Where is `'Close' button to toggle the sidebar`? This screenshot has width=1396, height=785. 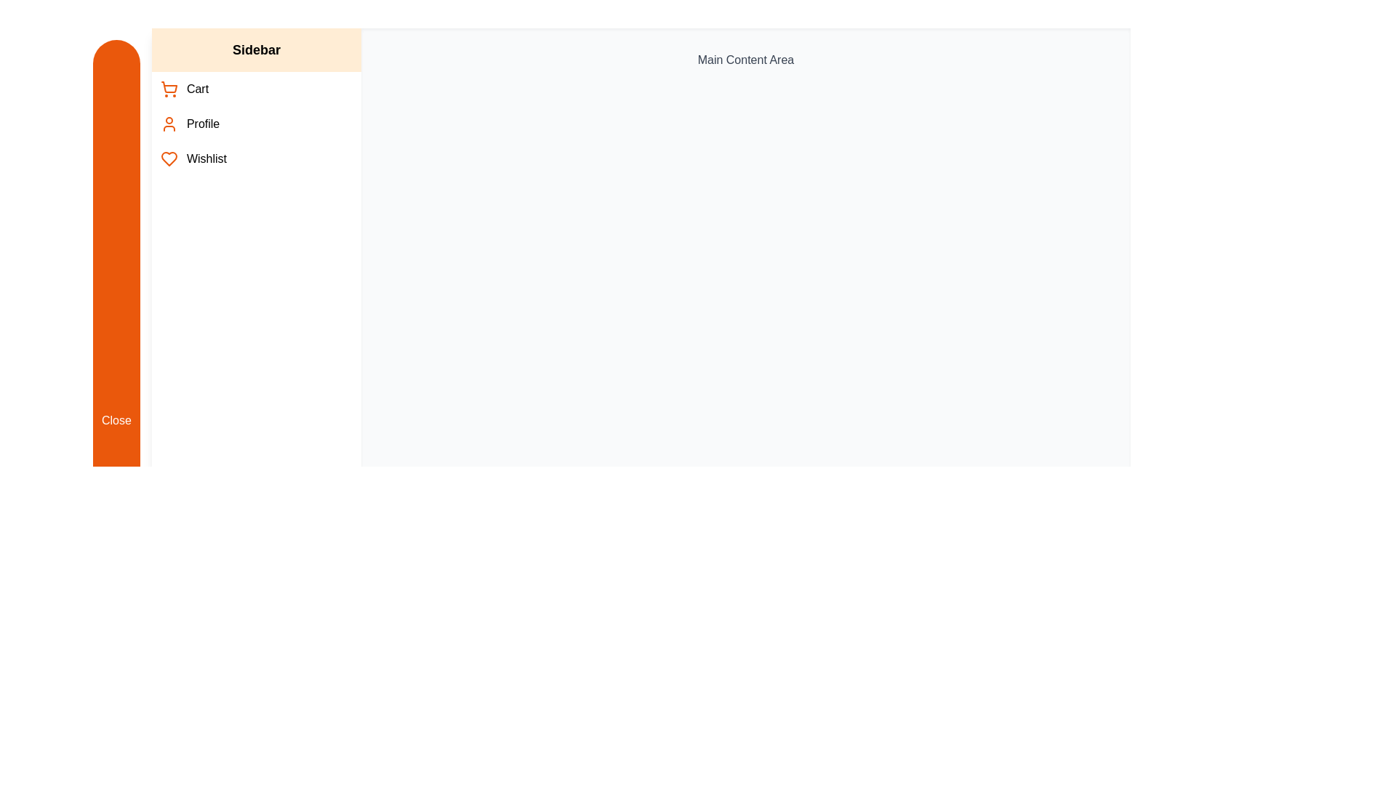
'Close' button to toggle the sidebar is located at coordinates (115, 420).